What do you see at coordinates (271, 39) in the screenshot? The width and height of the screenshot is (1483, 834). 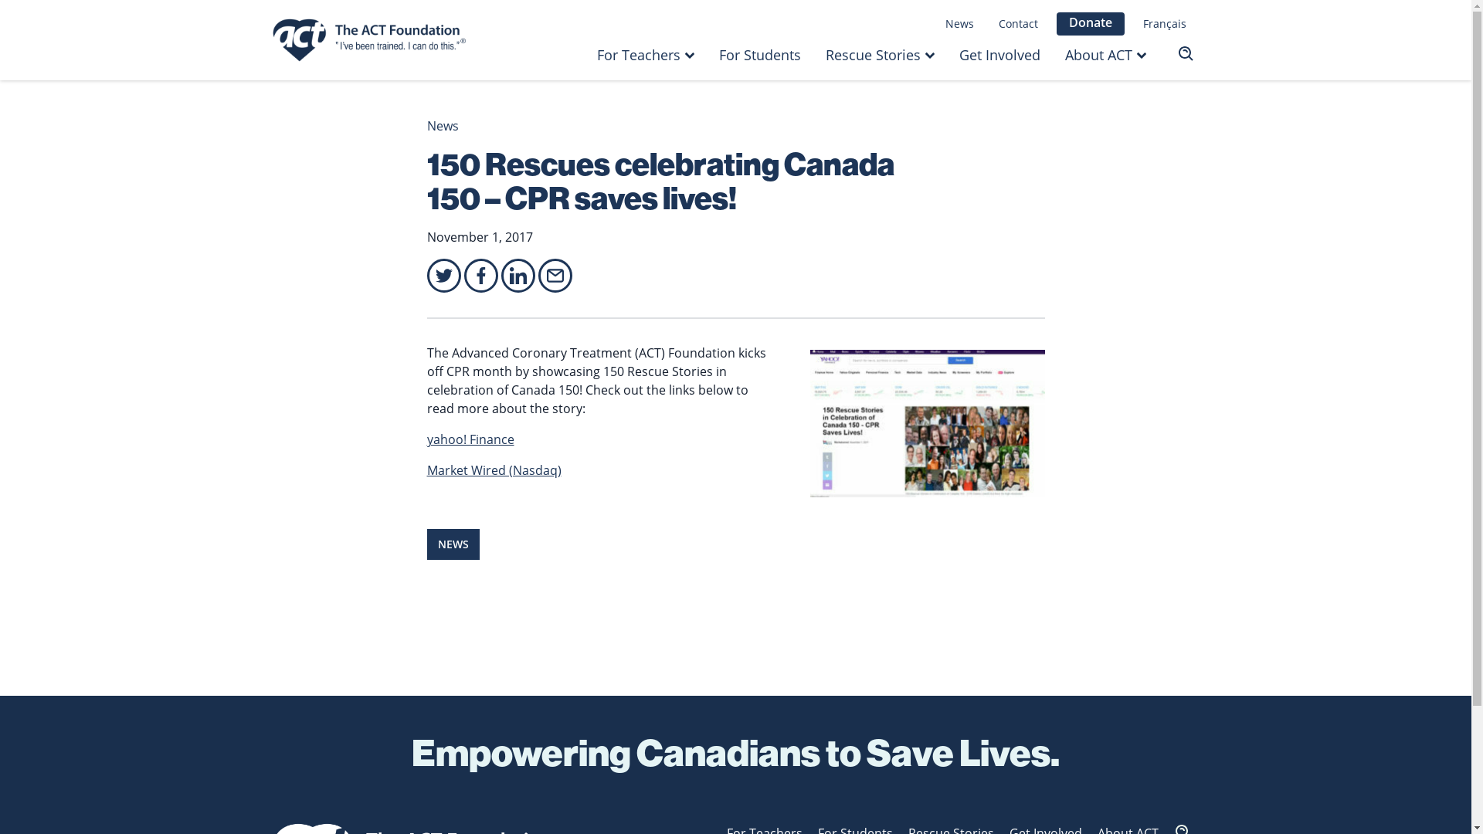 I see `'Homepage - The ACT Foundation'` at bounding box center [271, 39].